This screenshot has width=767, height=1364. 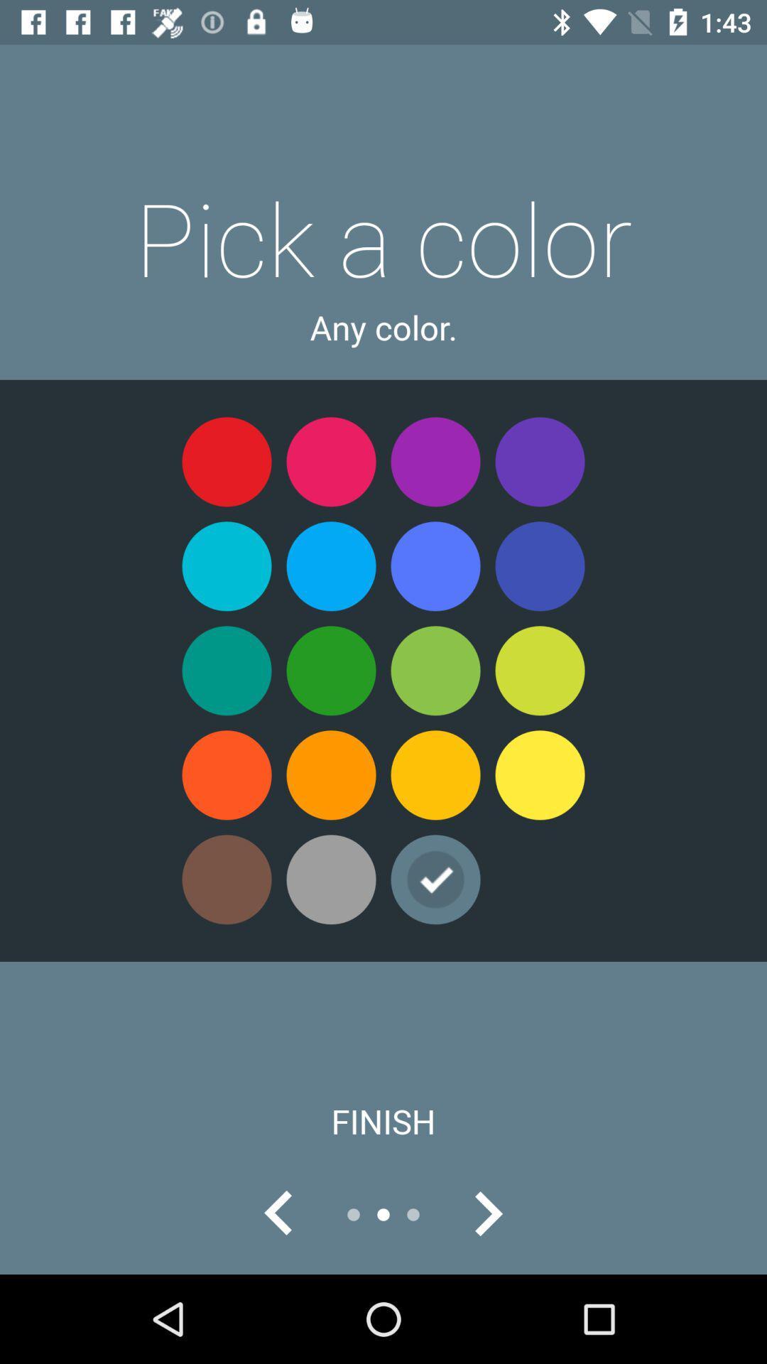 I want to click on the arrow_forward icon, so click(x=486, y=1213).